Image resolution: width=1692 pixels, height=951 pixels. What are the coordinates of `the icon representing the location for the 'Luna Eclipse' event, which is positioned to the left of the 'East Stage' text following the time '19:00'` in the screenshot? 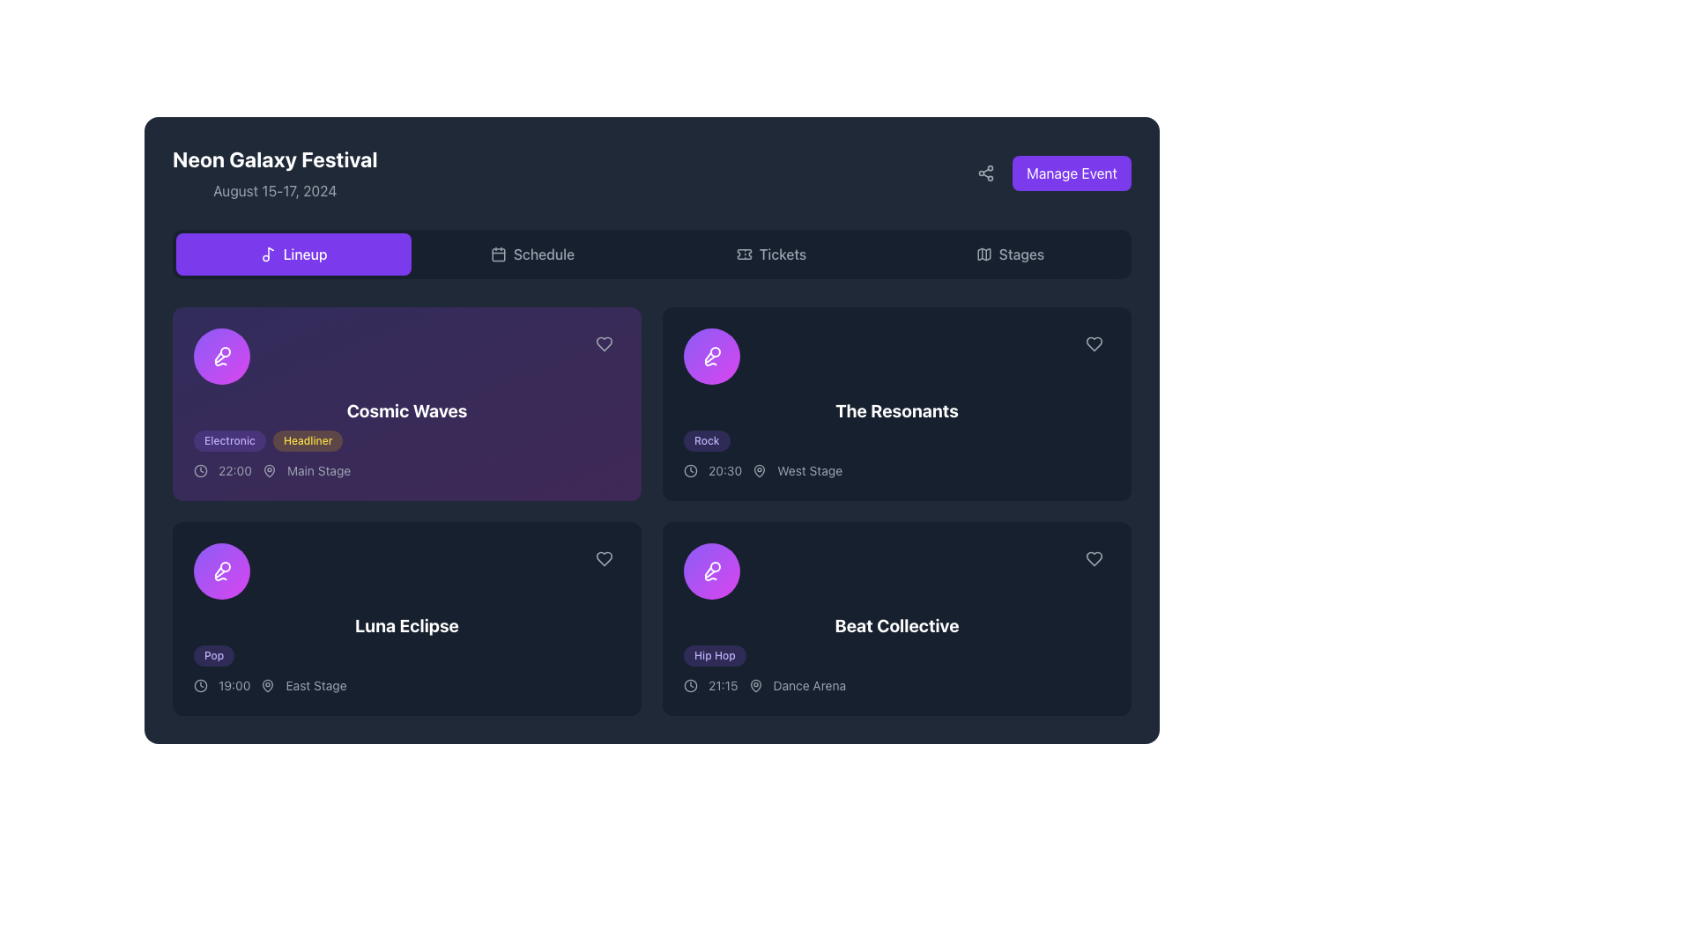 It's located at (267, 685).